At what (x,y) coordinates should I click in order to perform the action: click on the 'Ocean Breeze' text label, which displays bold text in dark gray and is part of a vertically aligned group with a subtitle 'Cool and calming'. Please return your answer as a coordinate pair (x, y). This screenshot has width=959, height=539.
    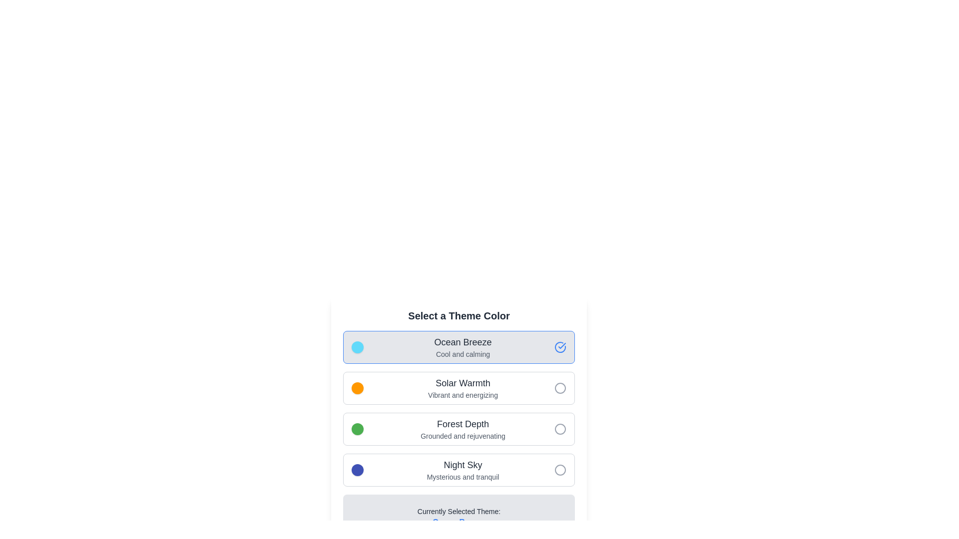
    Looking at the image, I should click on (462, 342).